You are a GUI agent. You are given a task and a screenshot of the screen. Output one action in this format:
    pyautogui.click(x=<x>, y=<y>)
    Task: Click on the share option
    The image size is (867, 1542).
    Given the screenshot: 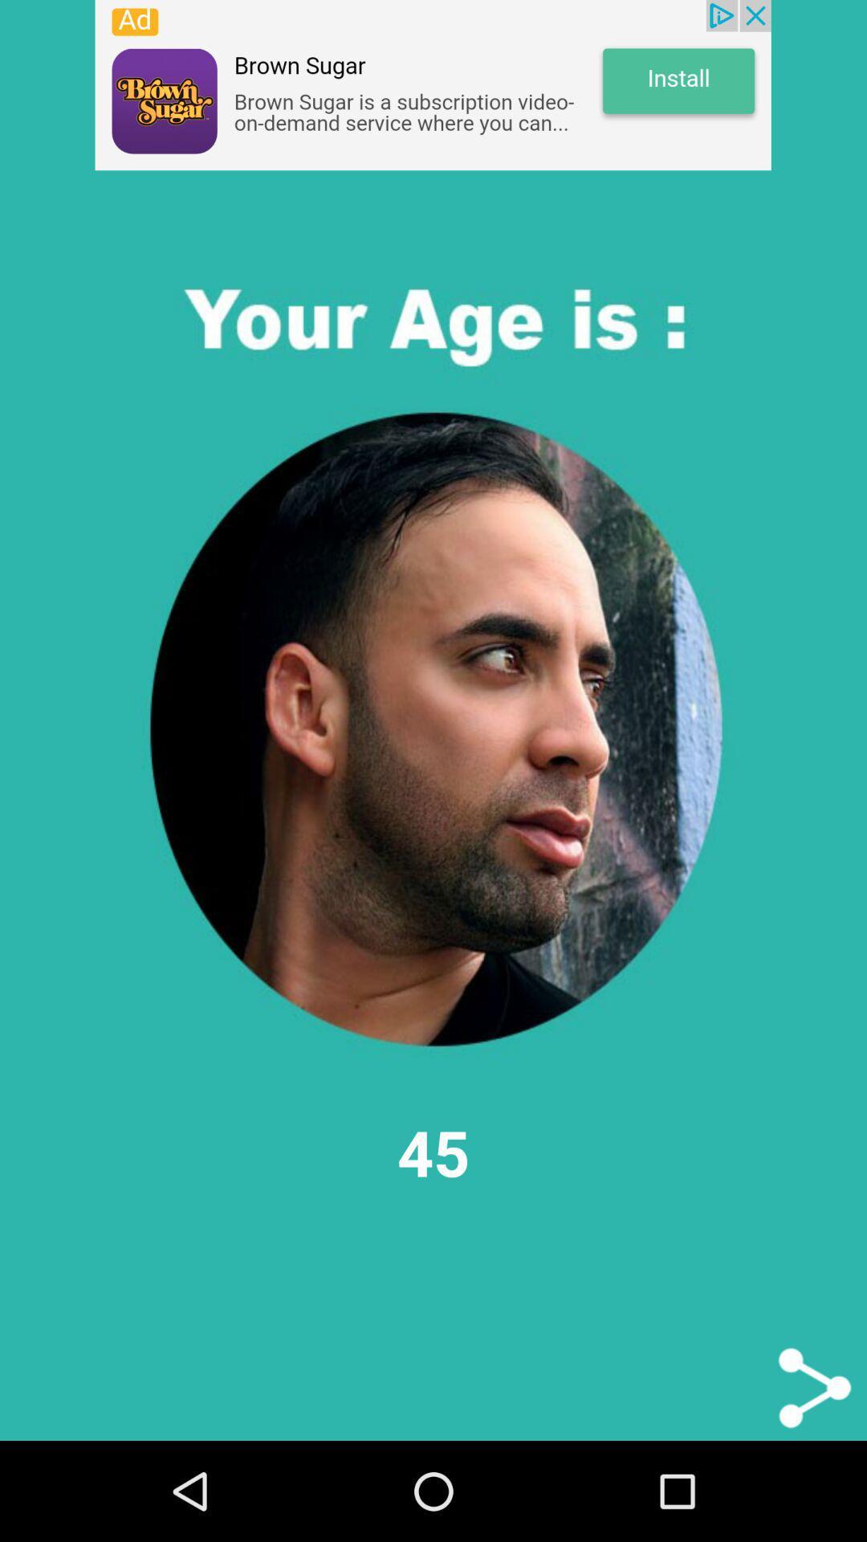 What is the action you would take?
    pyautogui.click(x=814, y=1387)
    